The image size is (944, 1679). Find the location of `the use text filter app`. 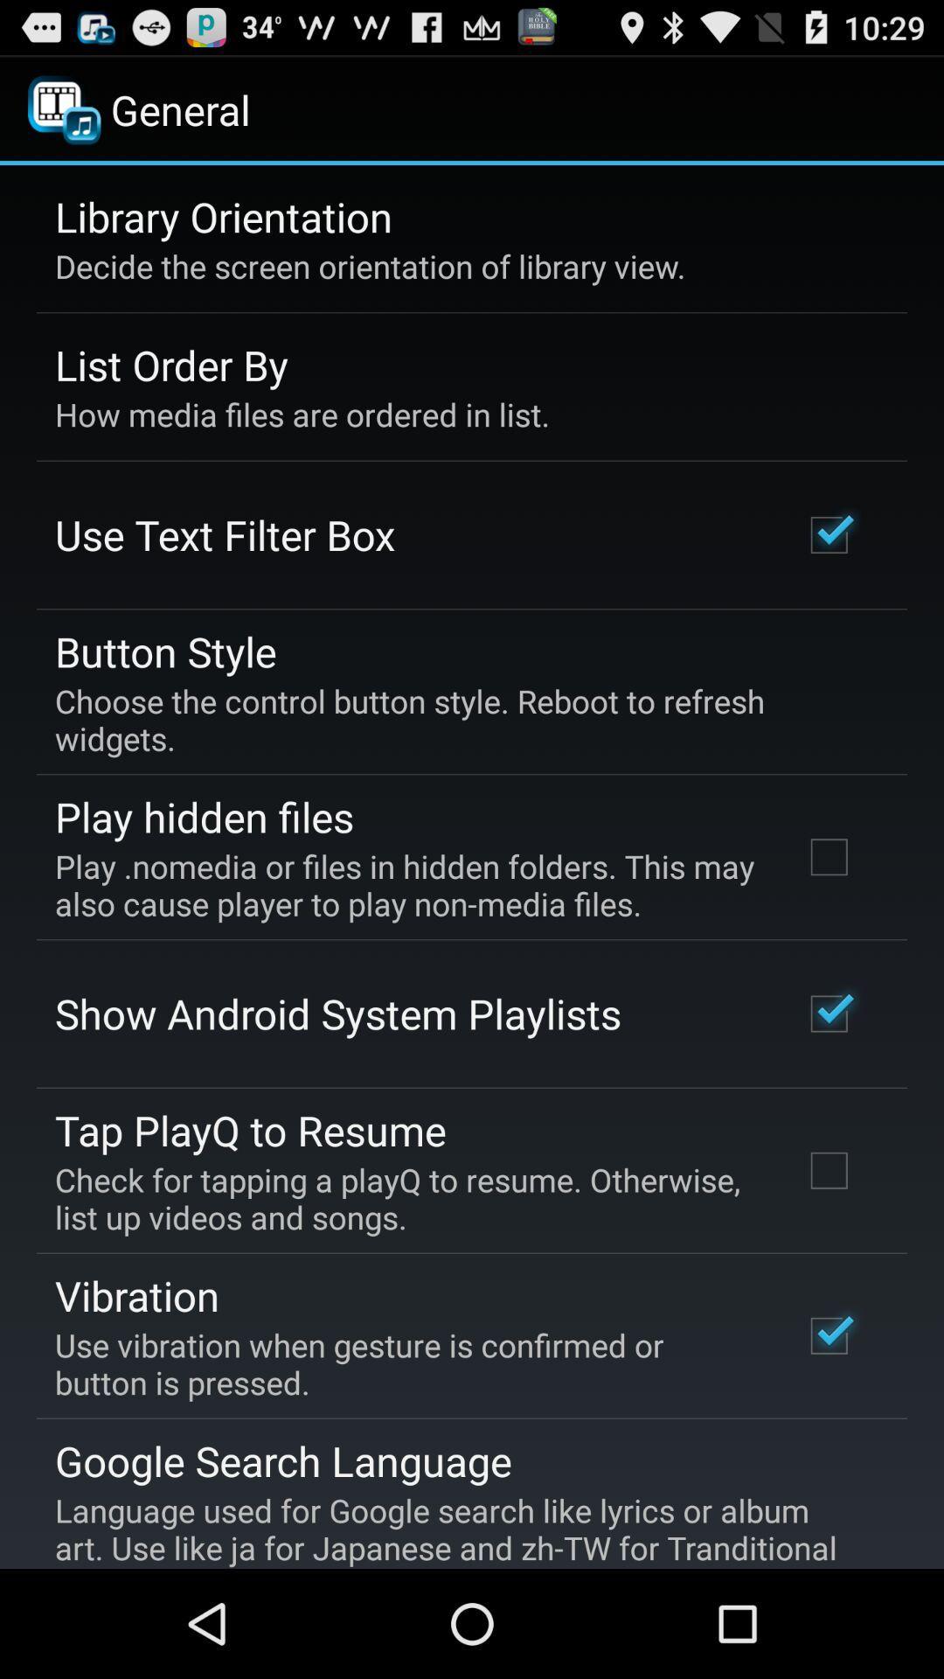

the use text filter app is located at coordinates (224, 533).